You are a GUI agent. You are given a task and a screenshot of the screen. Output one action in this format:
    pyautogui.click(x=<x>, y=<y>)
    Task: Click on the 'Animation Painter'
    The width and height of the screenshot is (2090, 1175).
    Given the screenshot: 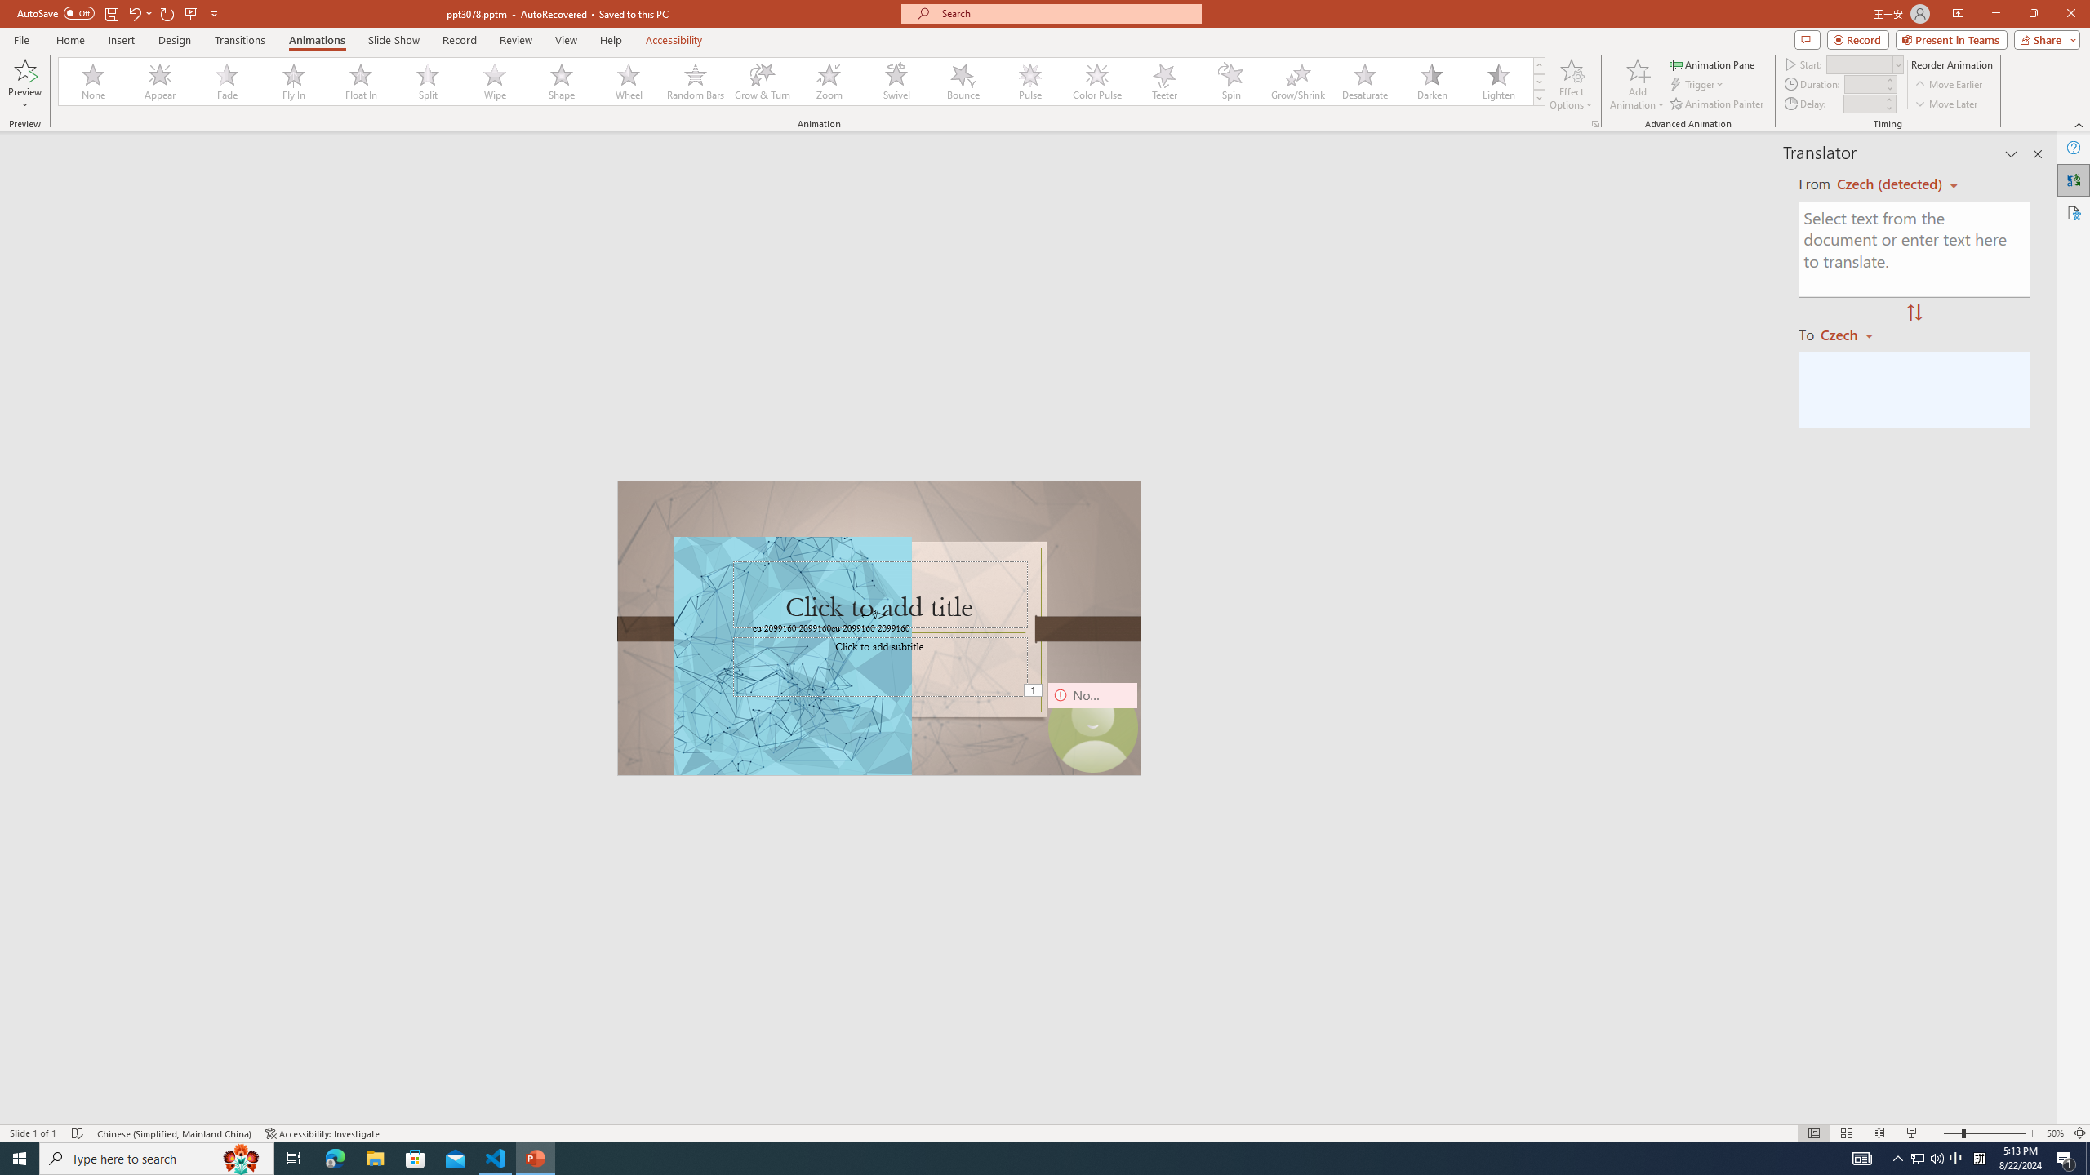 What is the action you would take?
    pyautogui.click(x=1717, y=104)
    